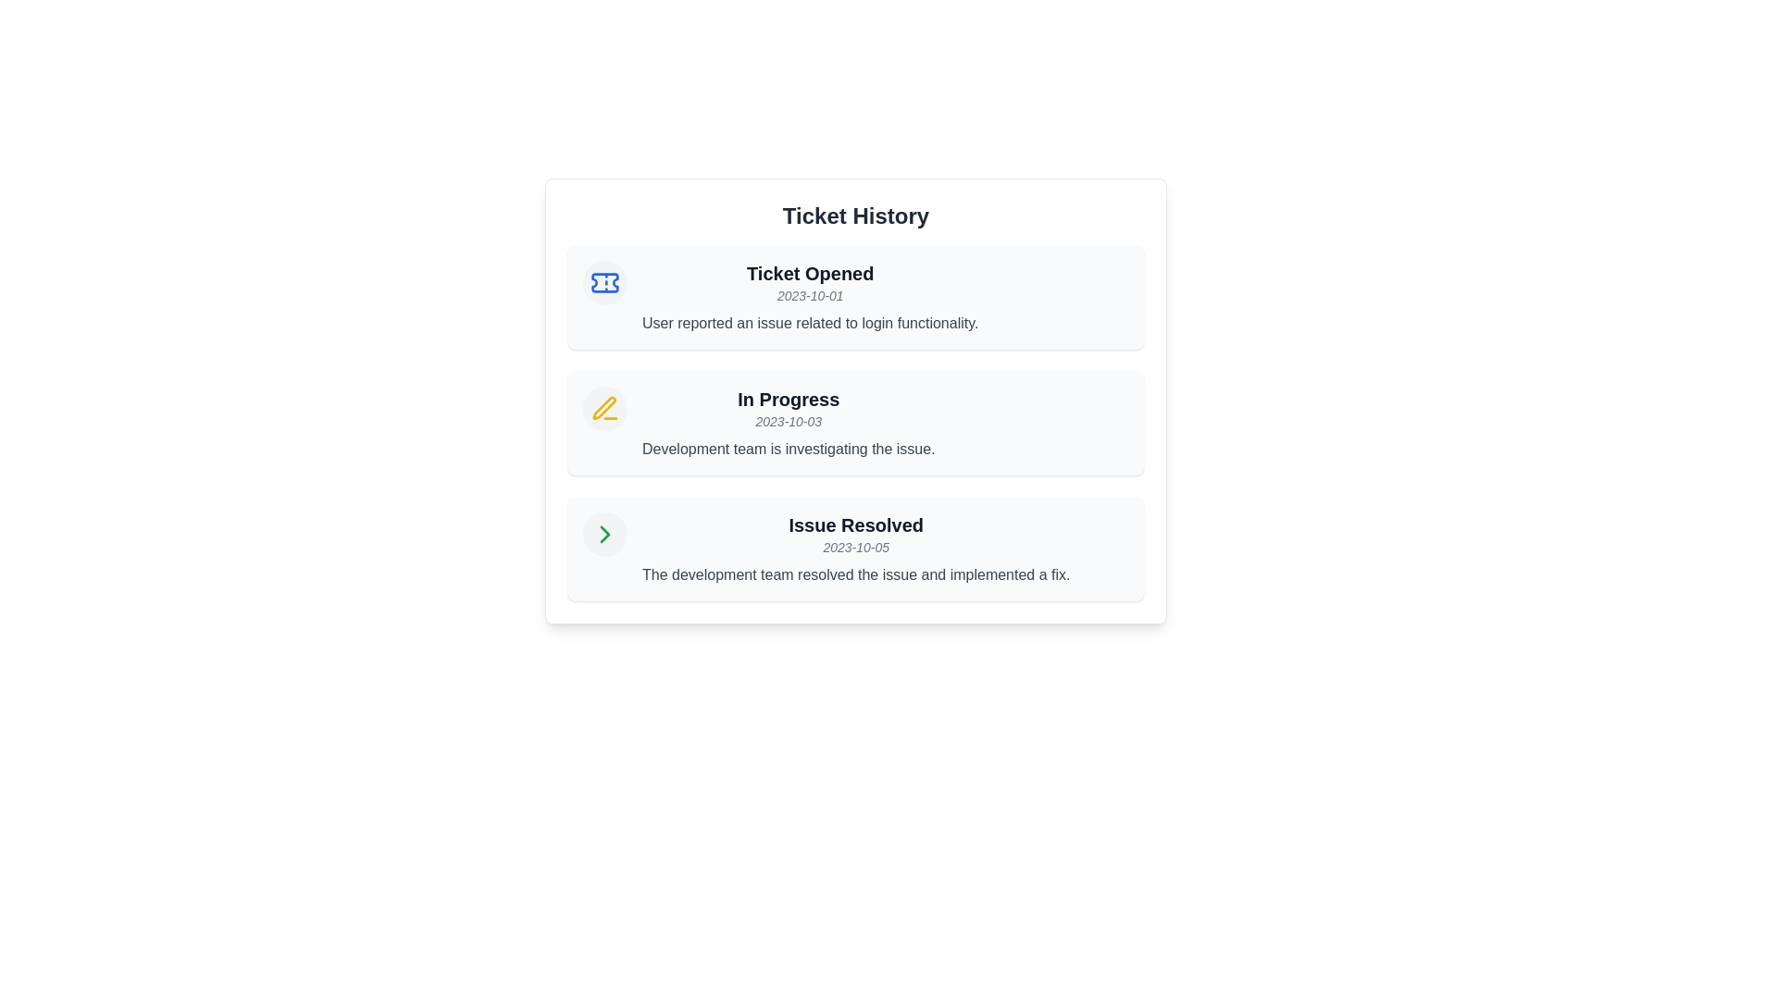 The width and height of the screenshot is (1777, 999). Describe the element at coordinates (604, 282) in the screenshot. I see `the icon representing an opened ticket` at that location.